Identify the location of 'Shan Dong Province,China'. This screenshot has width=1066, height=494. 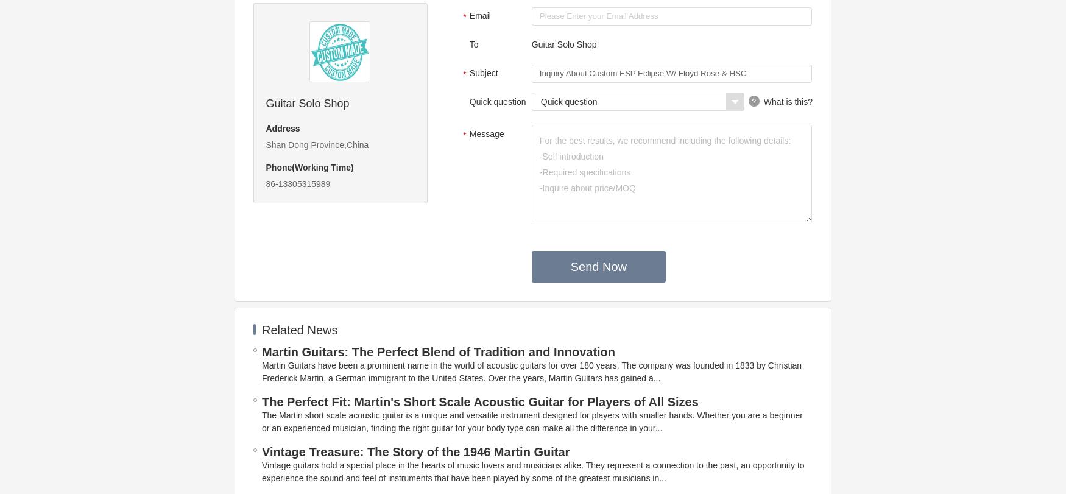
(316, 145).